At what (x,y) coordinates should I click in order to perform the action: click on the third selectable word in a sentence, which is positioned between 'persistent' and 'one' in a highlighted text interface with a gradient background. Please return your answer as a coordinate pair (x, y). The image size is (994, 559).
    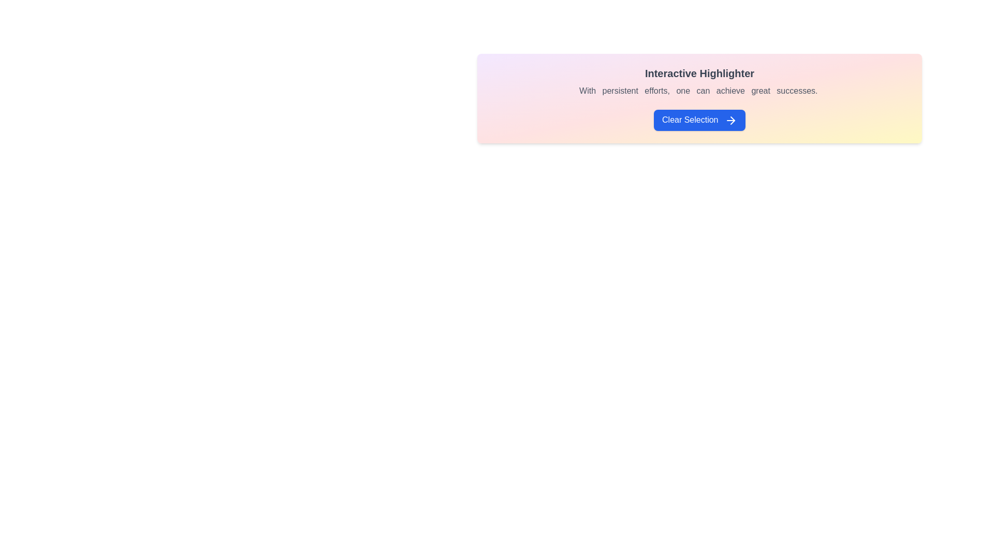
    Looking at the image, I should click on (657, 90).